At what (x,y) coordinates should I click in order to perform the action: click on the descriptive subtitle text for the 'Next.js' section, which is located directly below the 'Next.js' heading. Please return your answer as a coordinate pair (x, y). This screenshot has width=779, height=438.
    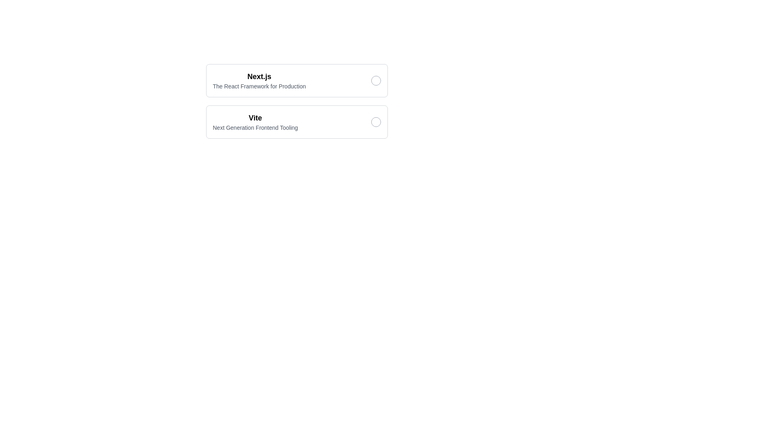
    Looking at the image, I should click on (259, 86).